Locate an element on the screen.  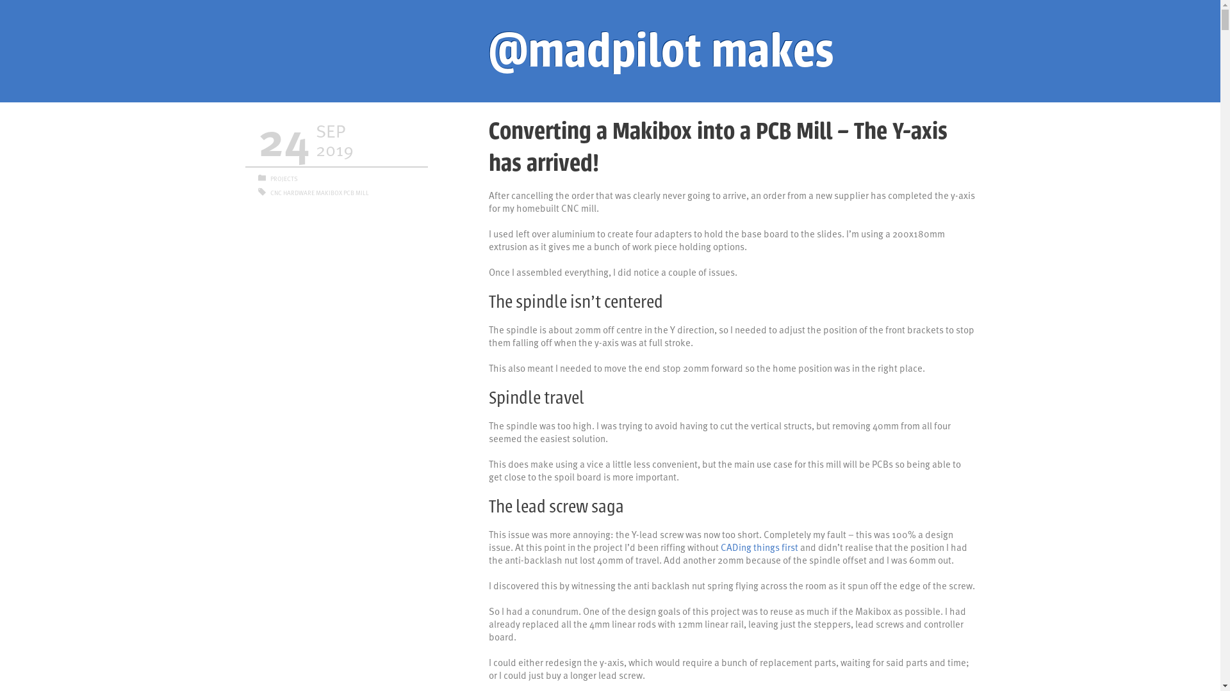
'MAKIBOX' is located at coordinates (328, 192).